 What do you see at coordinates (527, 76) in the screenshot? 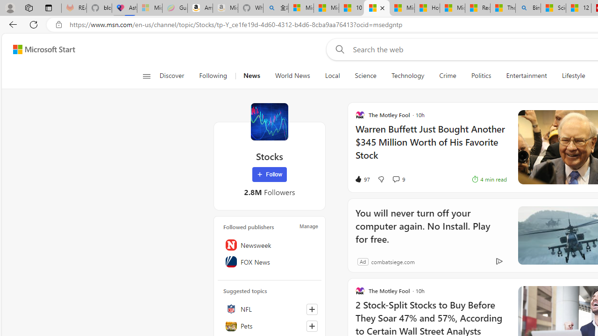
I see `'Entertainment'` at bounding box center [527, 76].